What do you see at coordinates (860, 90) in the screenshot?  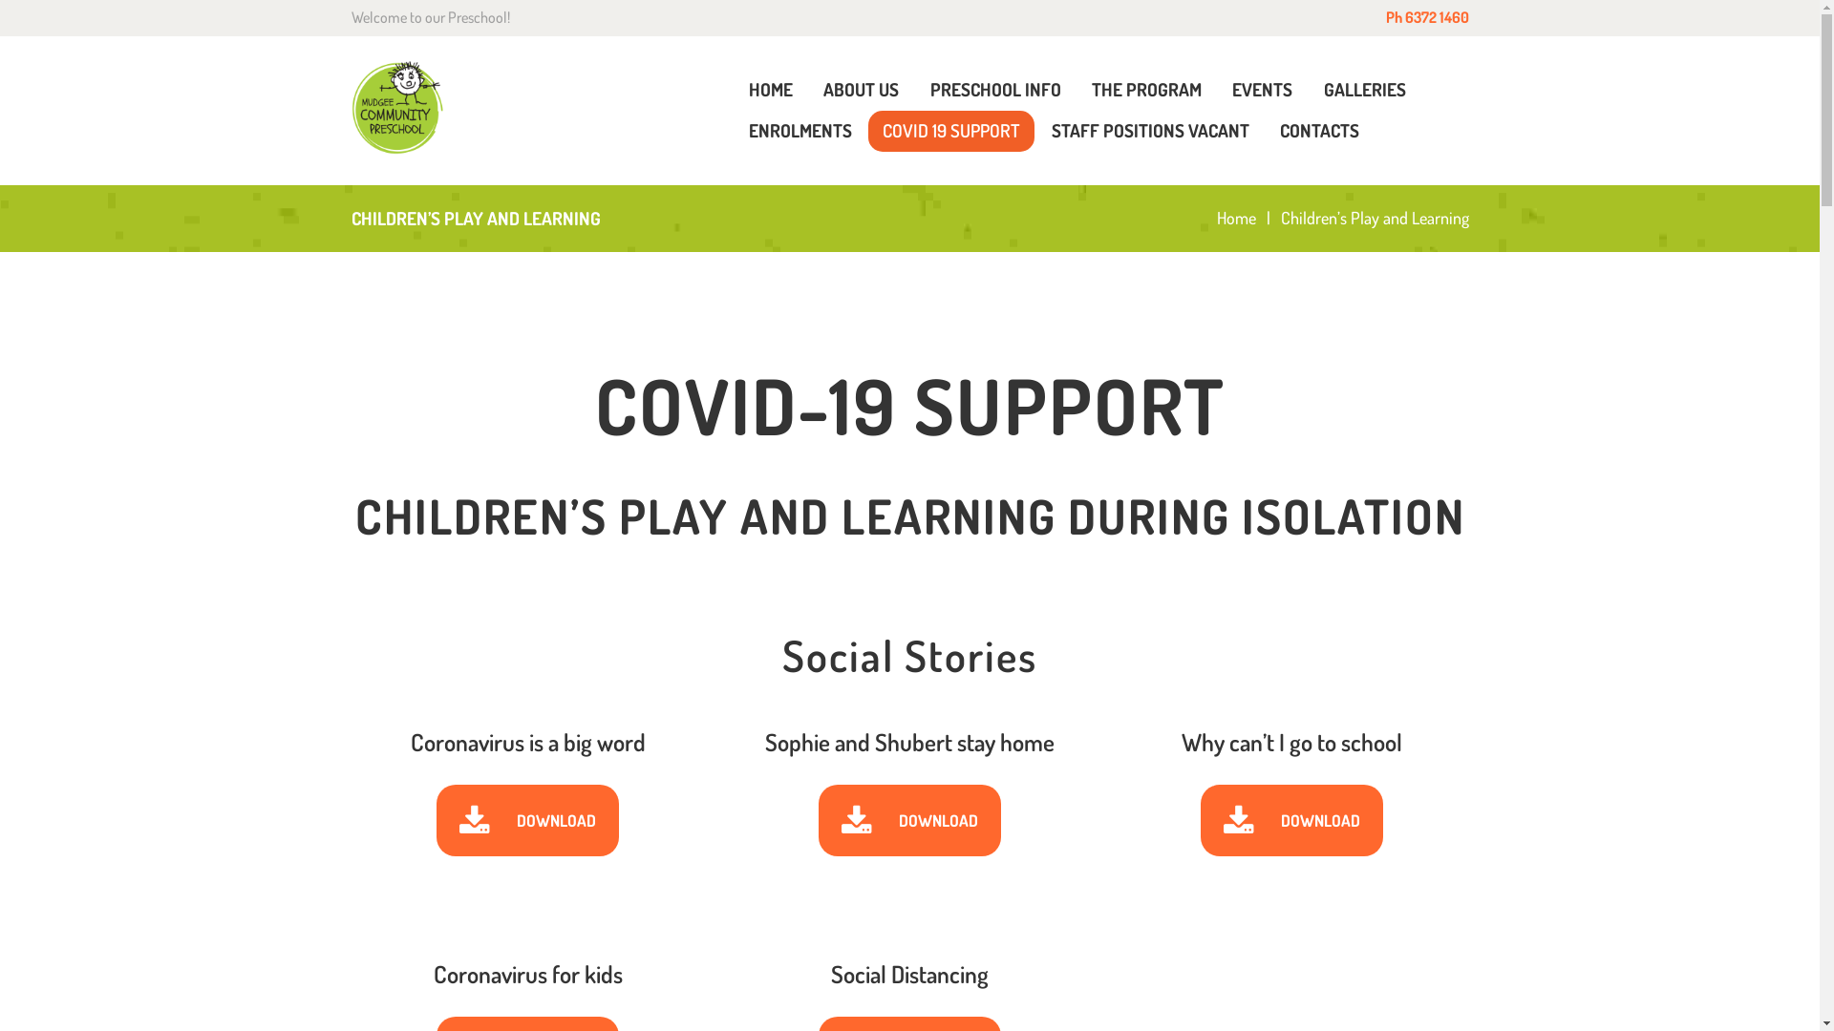 I see `'ABOUT US'` at bounding box center [860, 90].